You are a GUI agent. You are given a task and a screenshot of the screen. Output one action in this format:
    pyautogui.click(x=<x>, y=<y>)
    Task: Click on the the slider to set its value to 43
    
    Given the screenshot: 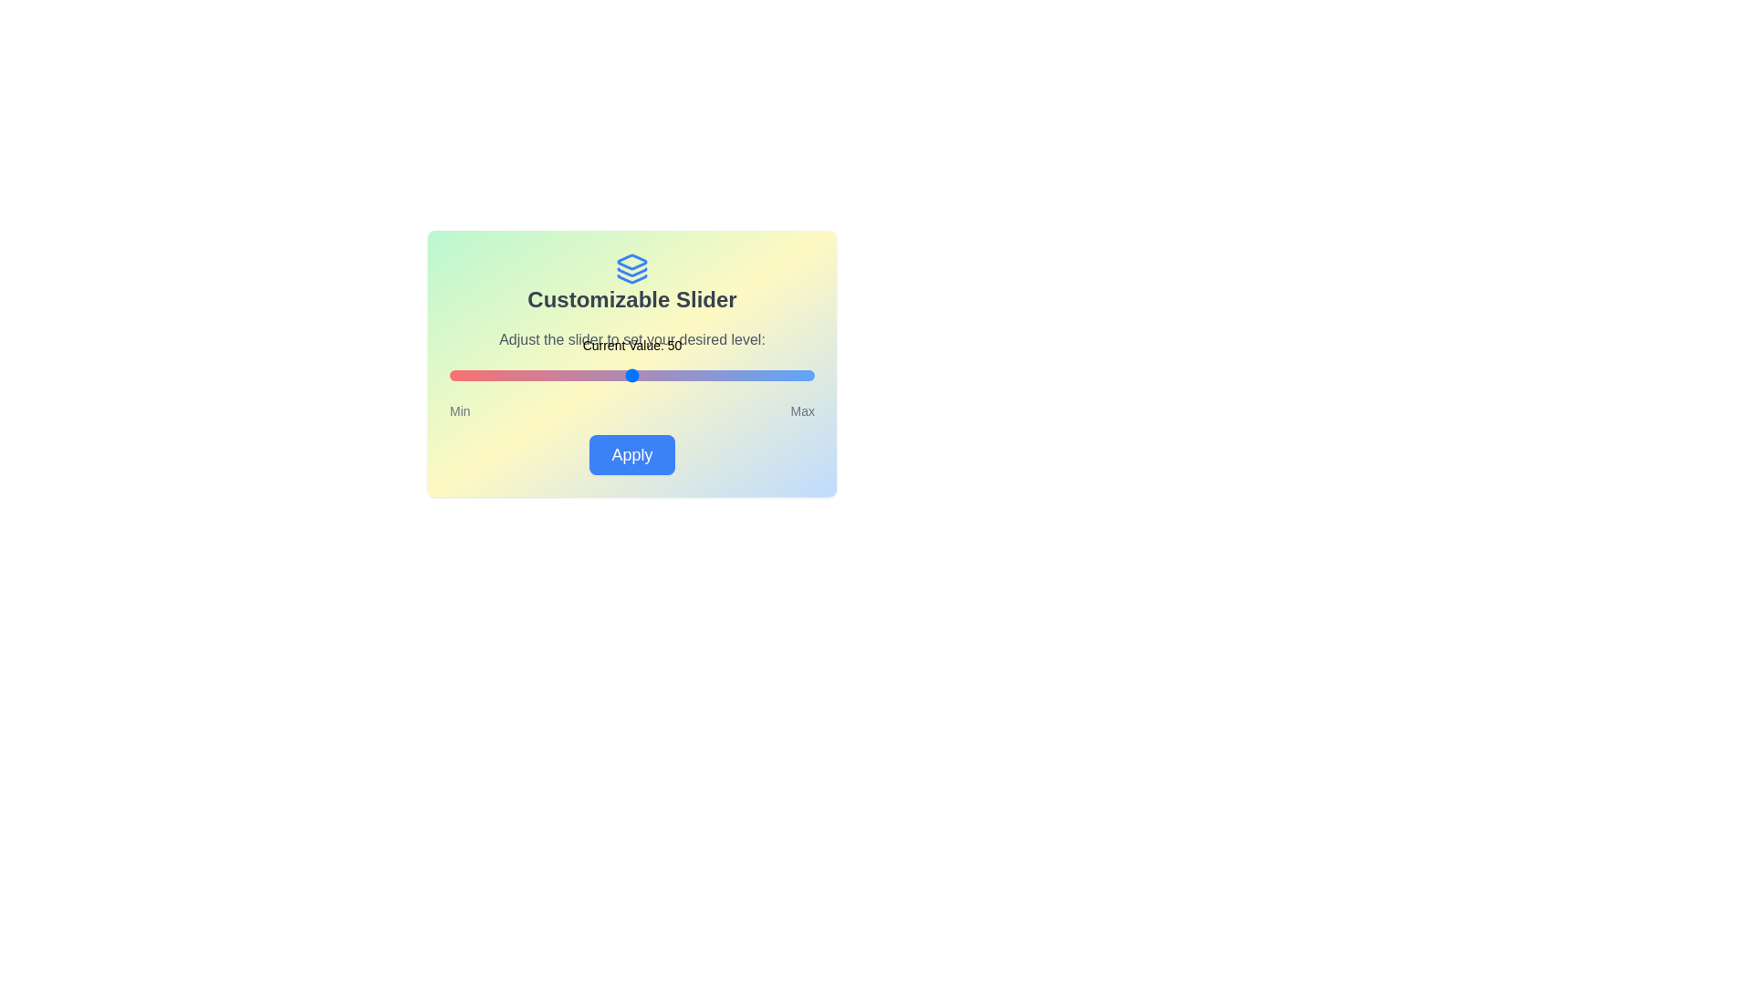 What is the action you would take?
    pyautogui.click(x=607, y=375)
    